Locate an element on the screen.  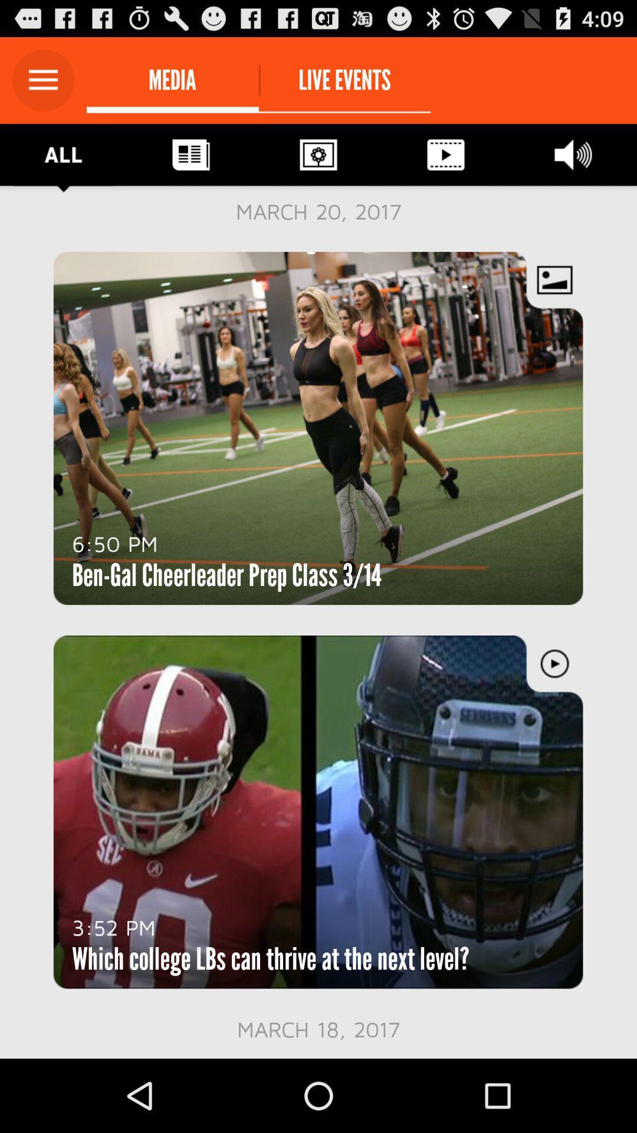
item below the march 20, 2017 is located at coordinates (115, 543).